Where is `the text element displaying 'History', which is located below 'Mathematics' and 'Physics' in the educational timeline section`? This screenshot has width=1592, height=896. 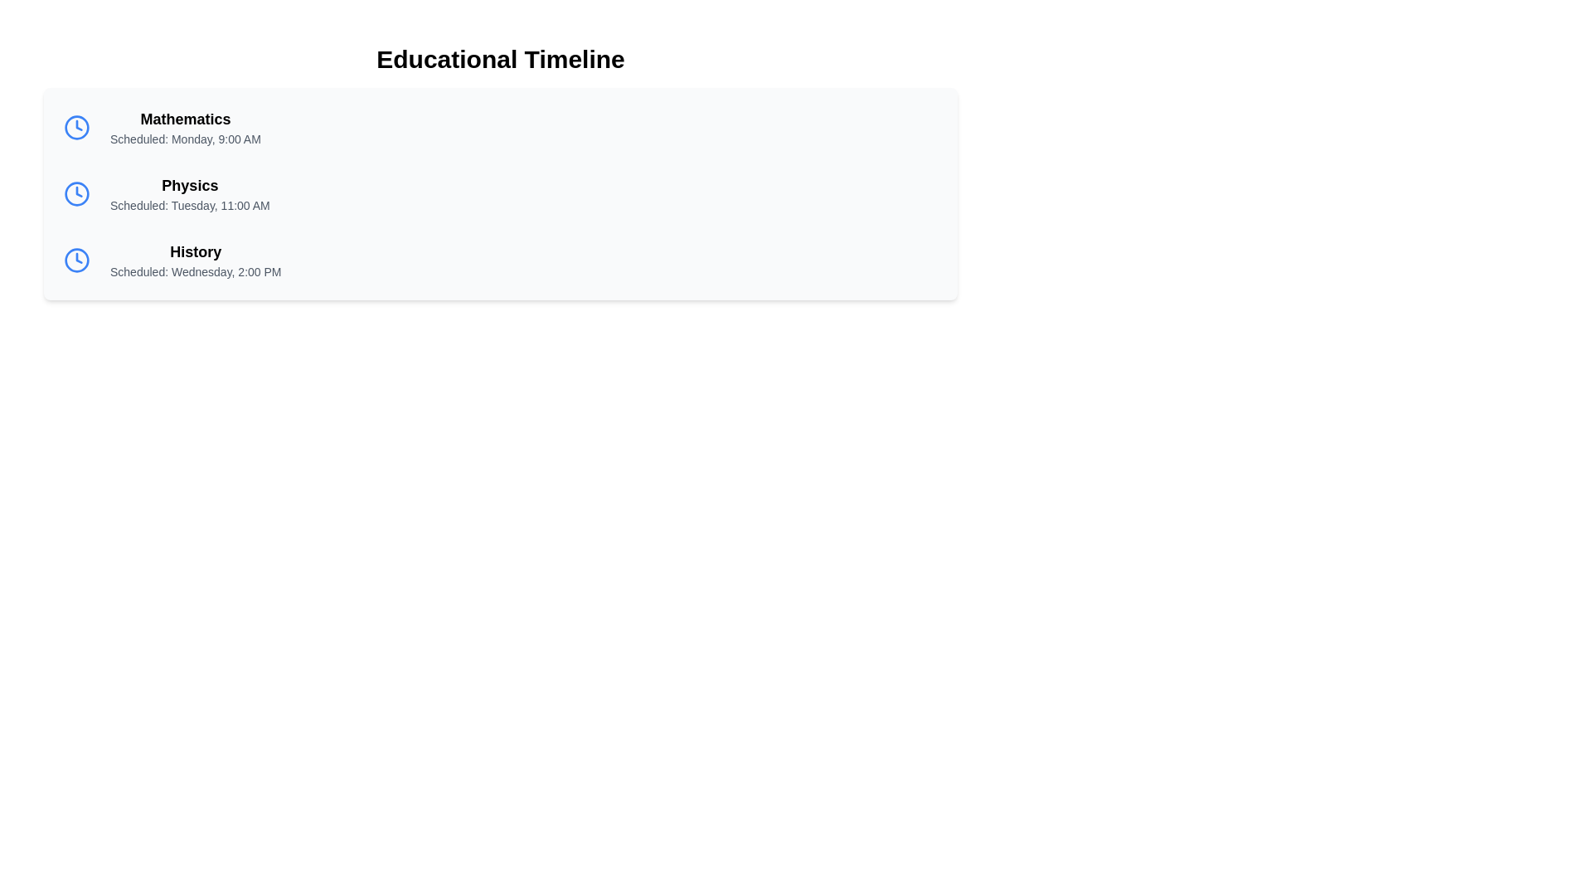 the text element displaying 'History', which is located below 'Mathematics' and 'Physics' in the educational timeline section is located at coordinates (196, 252).